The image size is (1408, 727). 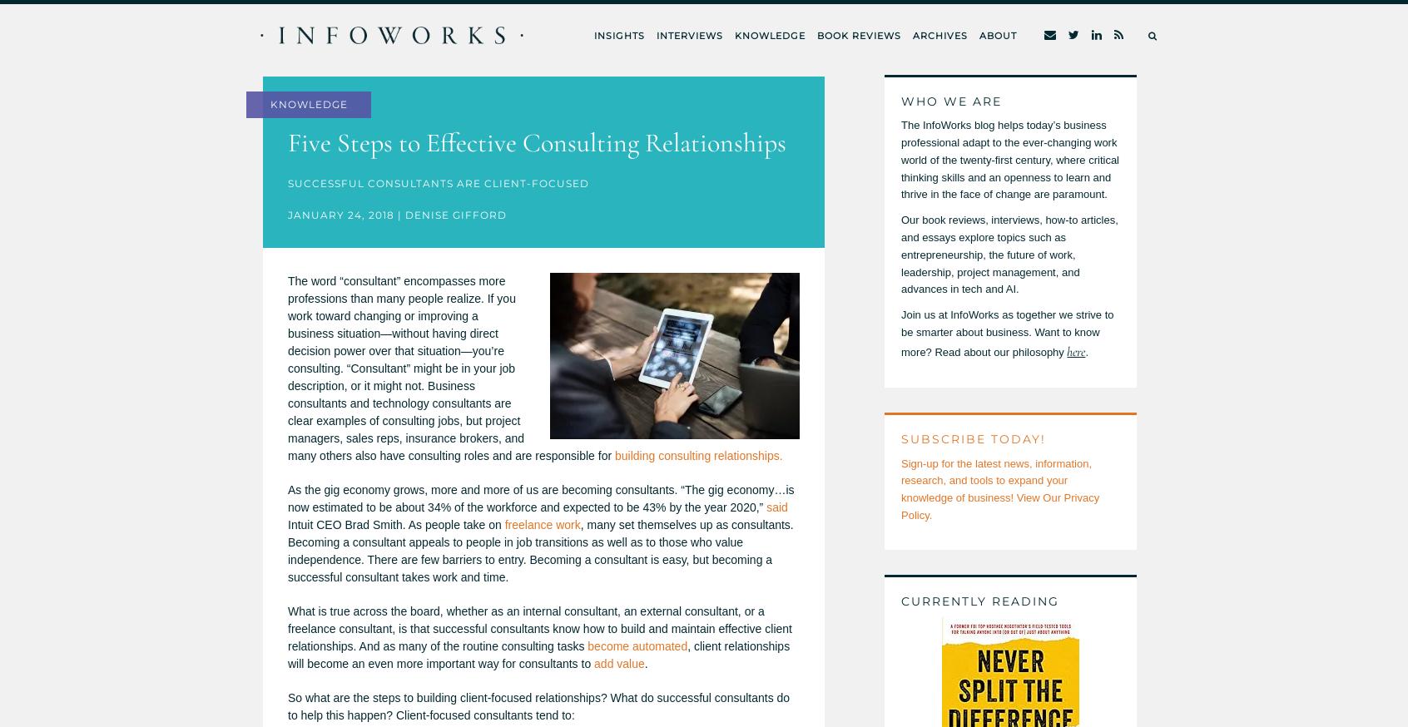 I want to click on 'here', so click(x=1075, y=350).